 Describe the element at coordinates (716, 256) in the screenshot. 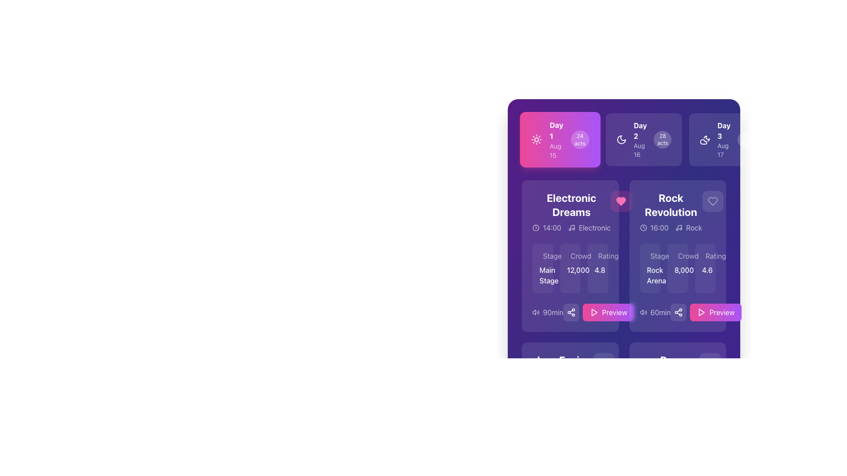

I see `the static text label displaying 'Rating' within the 'Rock Revolution' card, located towards the right section of the application` at that location.